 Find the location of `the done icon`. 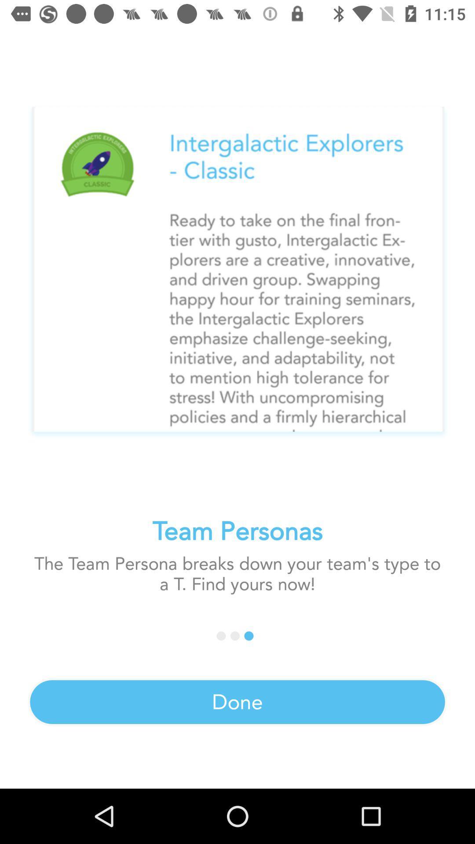

the done icon is located at coordinates (237, 702).